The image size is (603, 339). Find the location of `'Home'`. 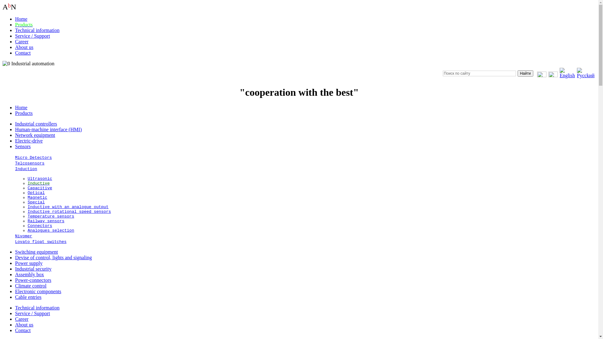

'Home' is located at coordinates (21, 19).